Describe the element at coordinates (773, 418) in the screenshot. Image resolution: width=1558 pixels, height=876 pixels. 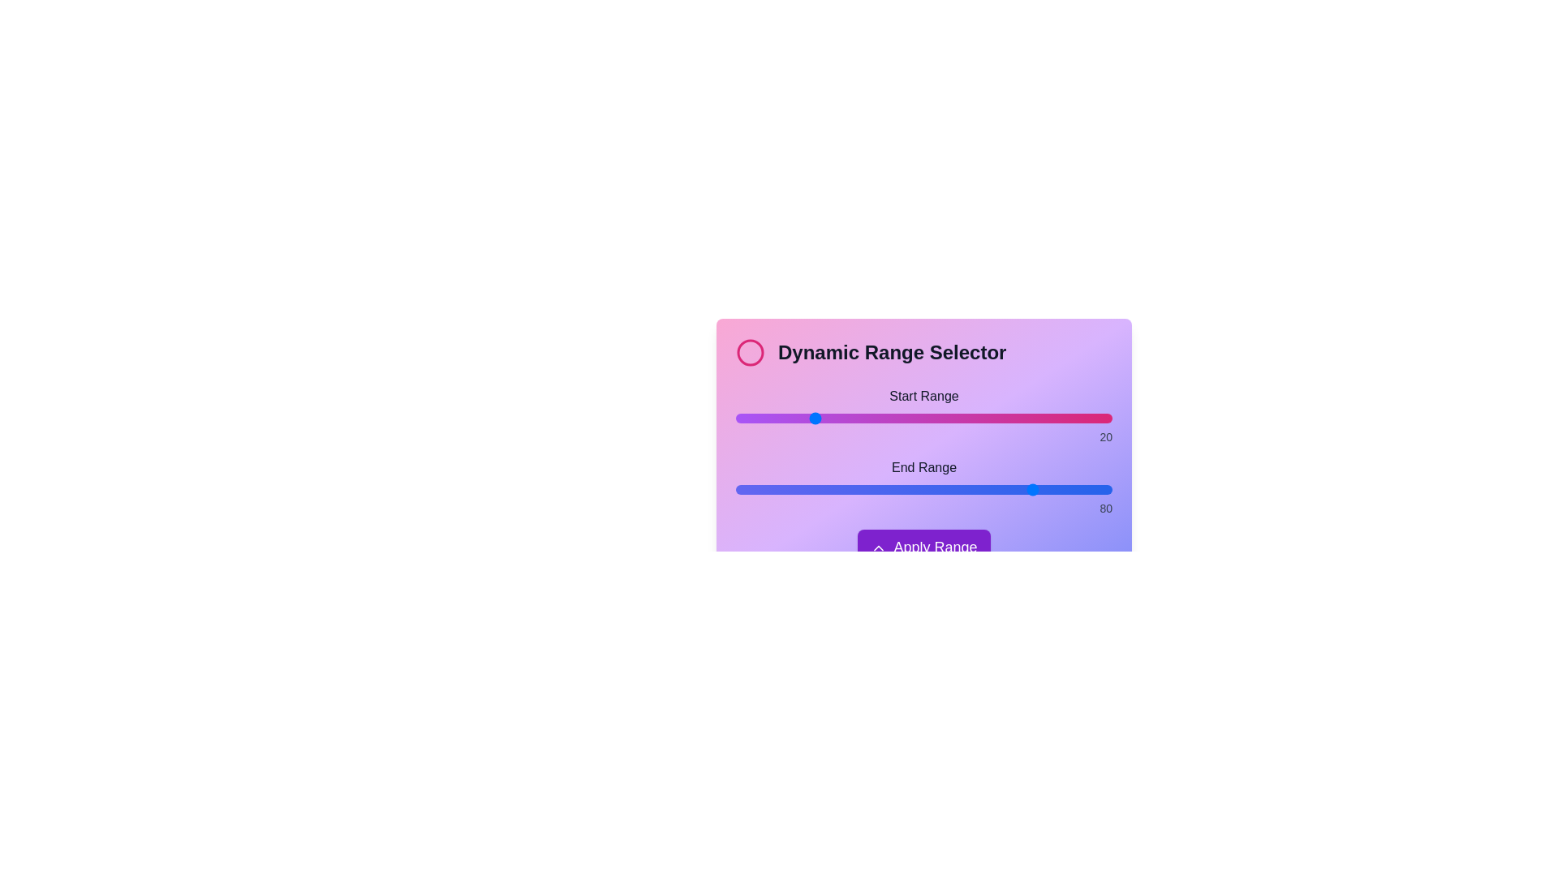
I see `the start range slider to 10 by dragging the slider to the desired position` at that location.